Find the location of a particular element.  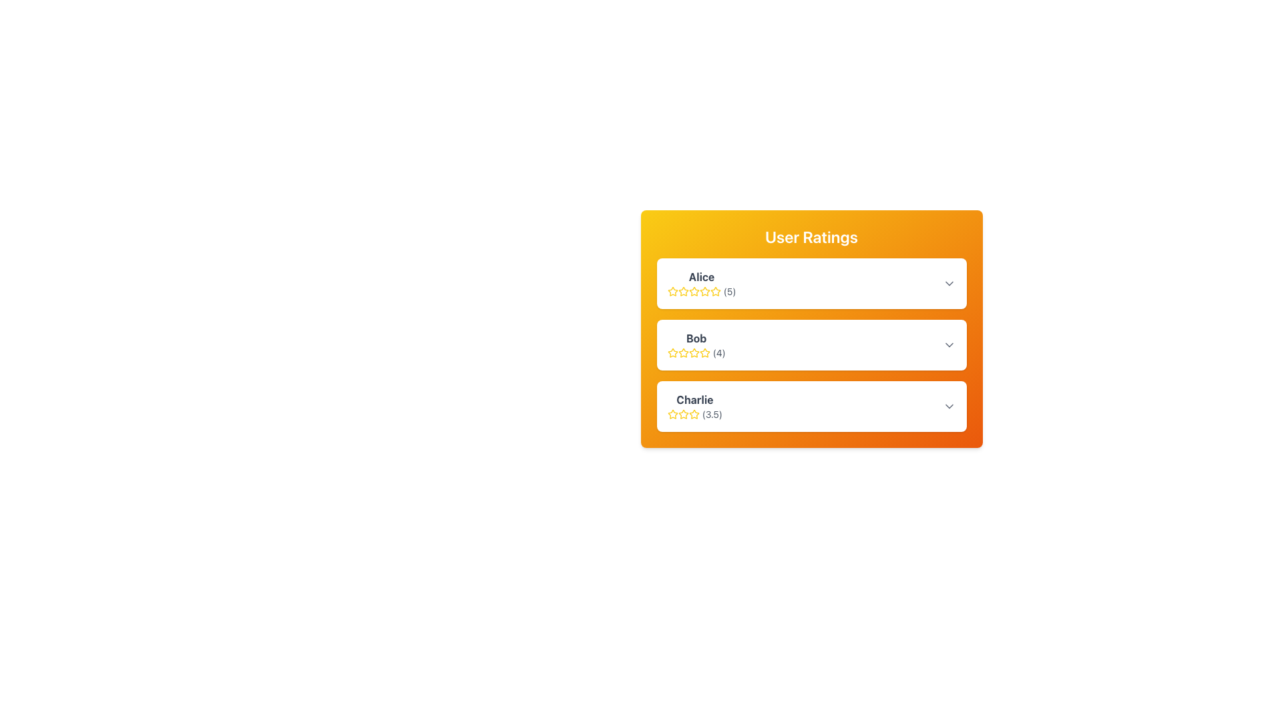

the third star is located at coordinates (693, 352).